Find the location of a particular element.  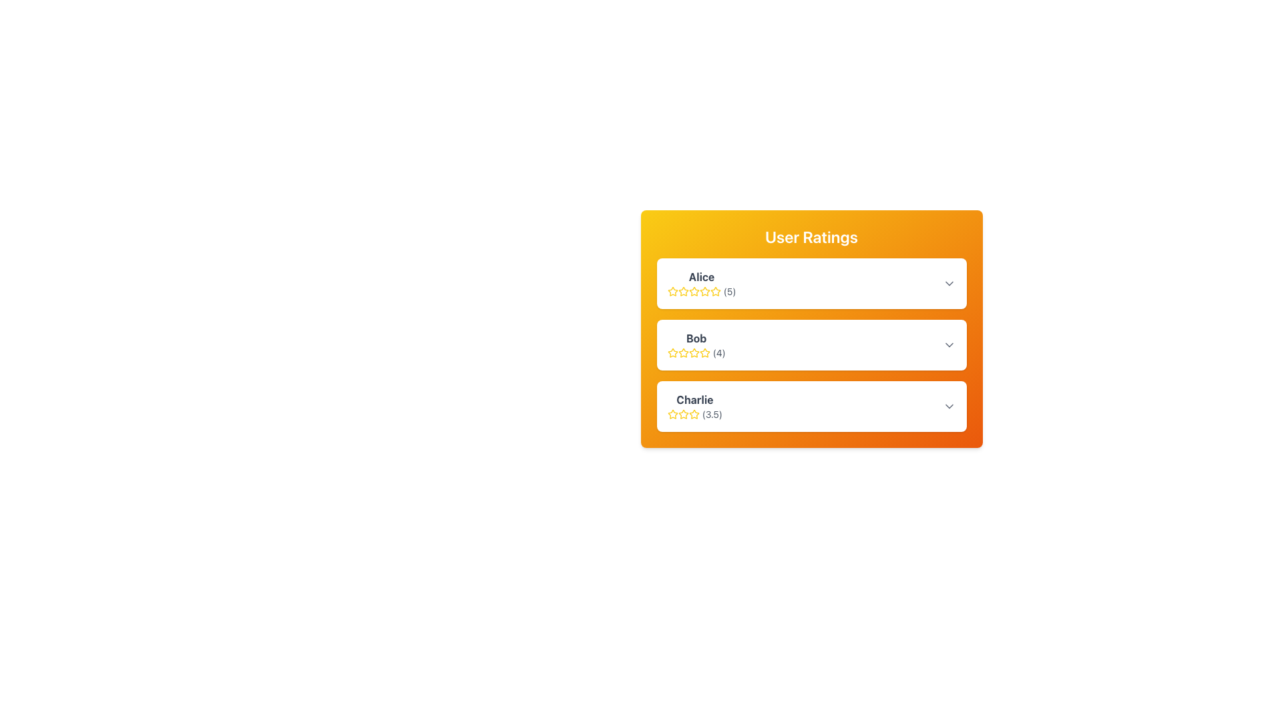

the third star is located at coordinates (693, 352).